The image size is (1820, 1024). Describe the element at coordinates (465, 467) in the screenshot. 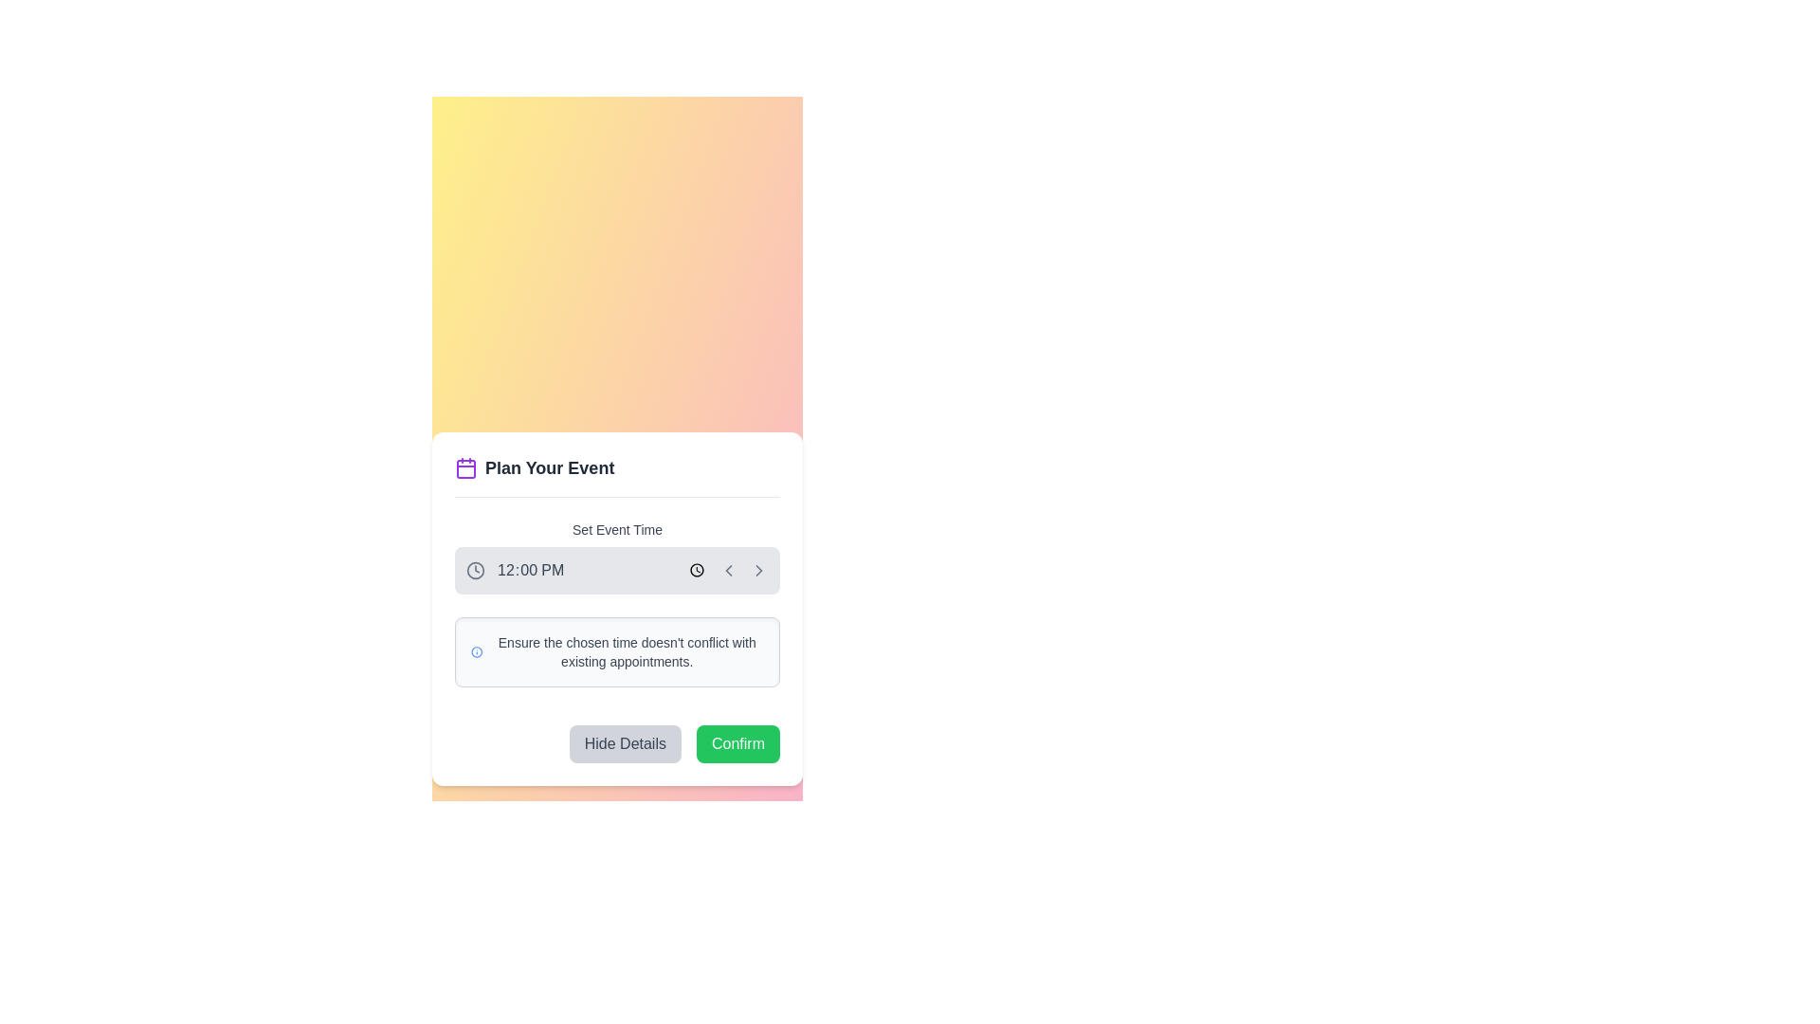

I see `the SVG calendar icon, which is a decorative element with a purple square outline, located at the top left of the 'Plan Your Event' header section, preceding the title` at that location.